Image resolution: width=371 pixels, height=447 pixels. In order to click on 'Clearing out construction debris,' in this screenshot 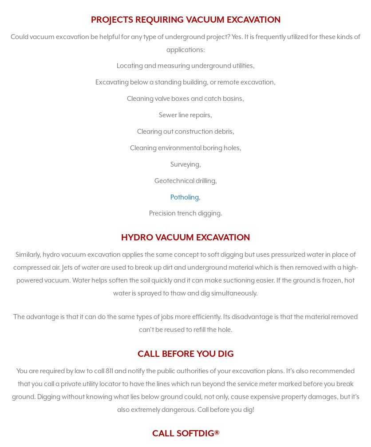, I will do `click(185, 130)`.